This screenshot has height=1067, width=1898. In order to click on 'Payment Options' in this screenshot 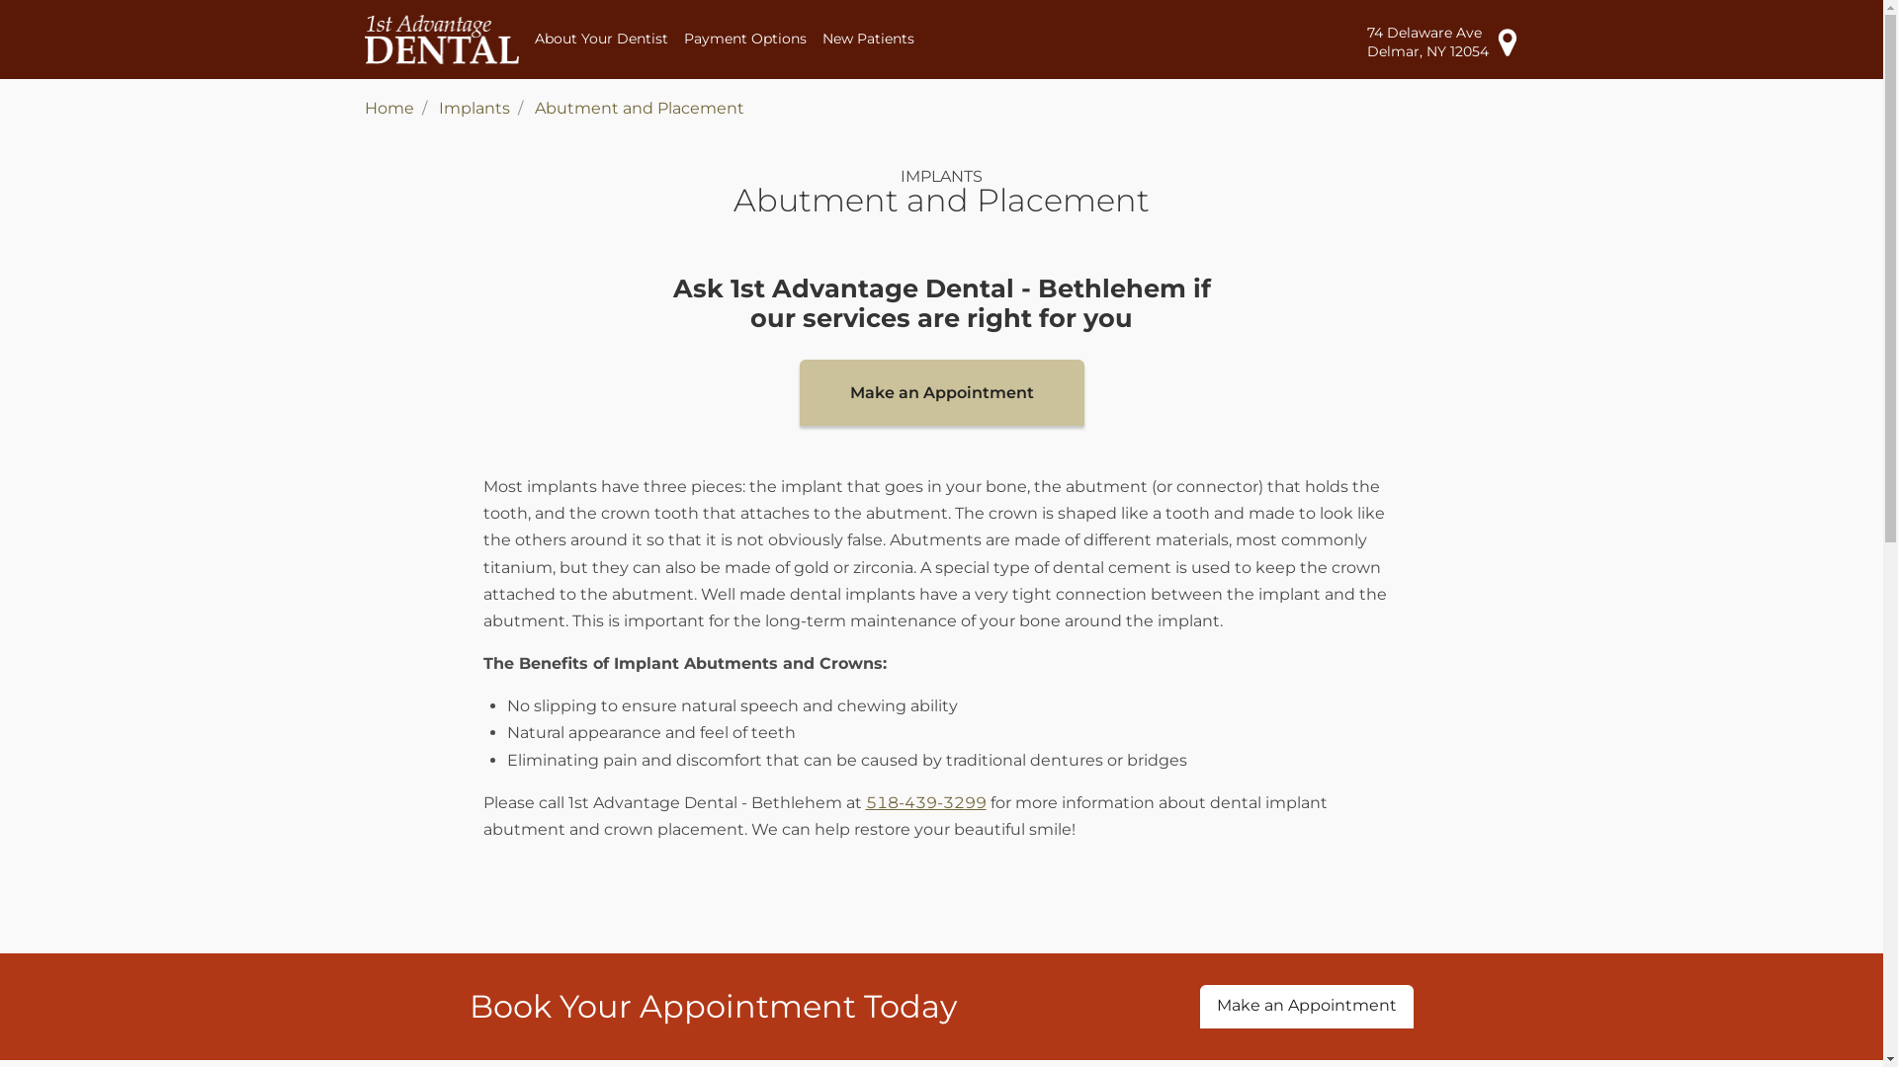, I will do `click(743, 39)`.